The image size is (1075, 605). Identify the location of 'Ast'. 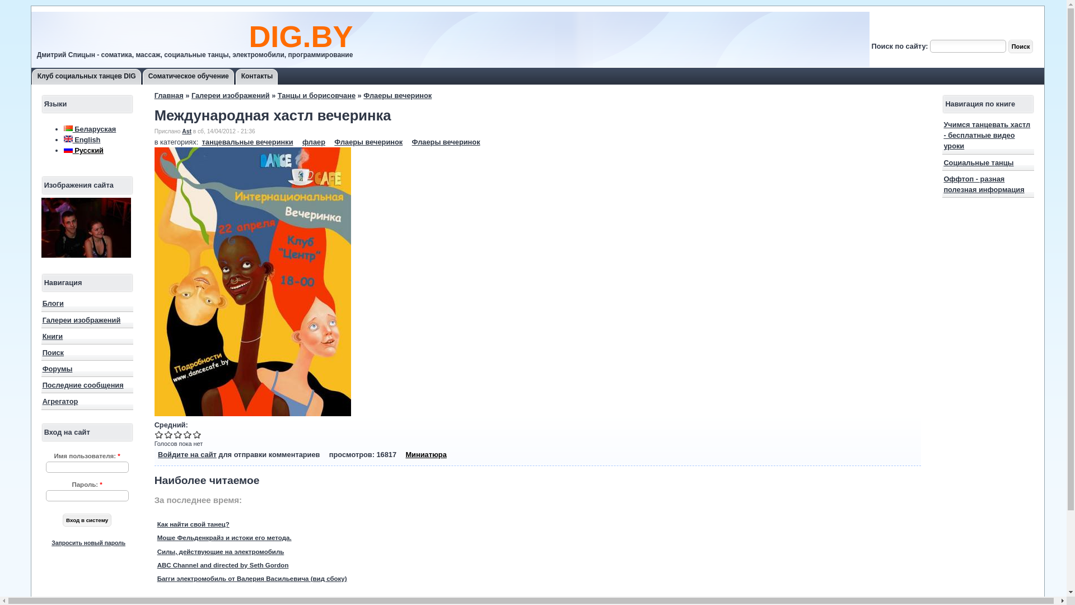
(186, 131).